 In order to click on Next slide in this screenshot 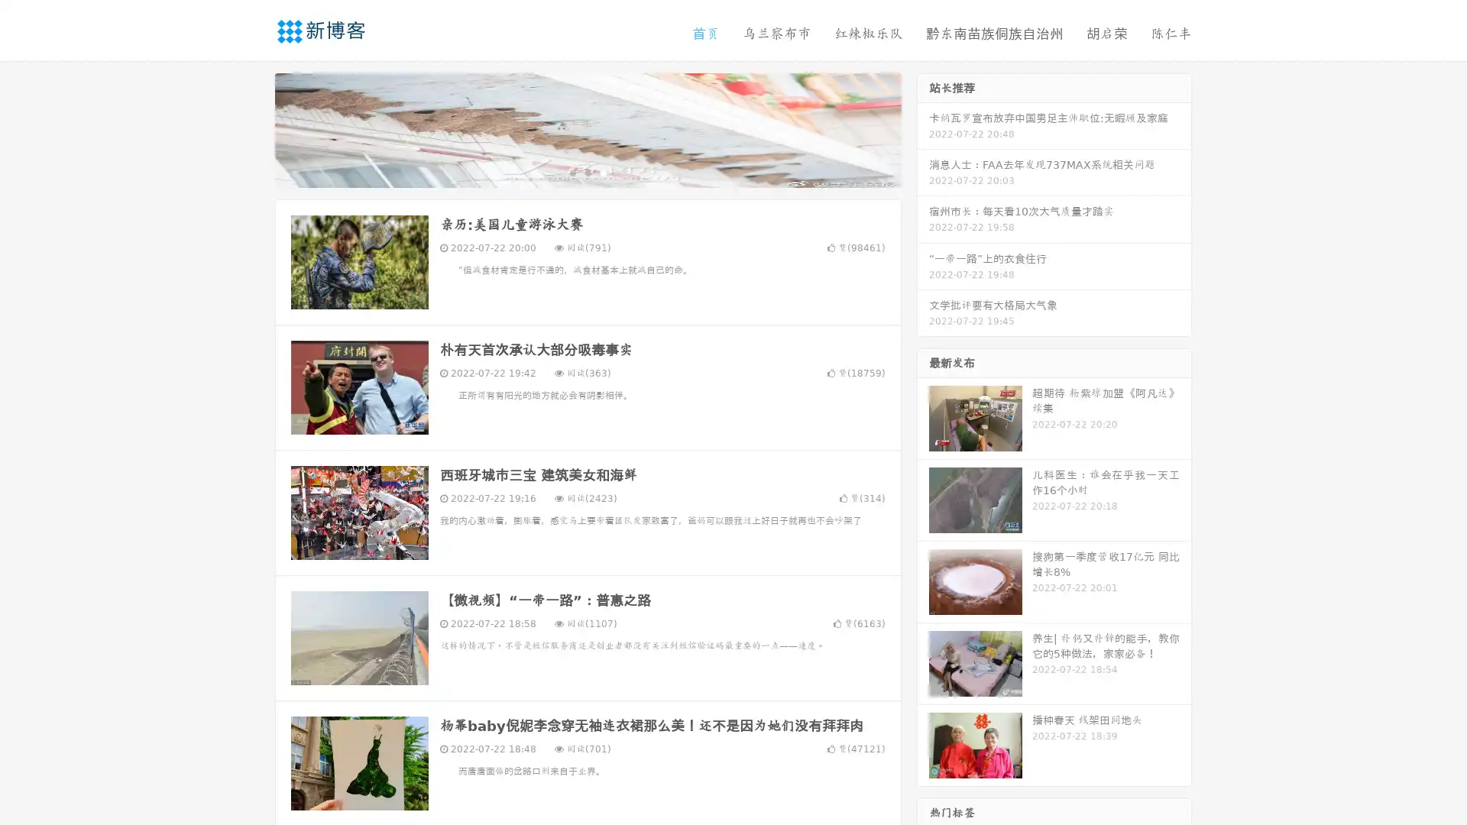, I will do `click(923, 128)`.